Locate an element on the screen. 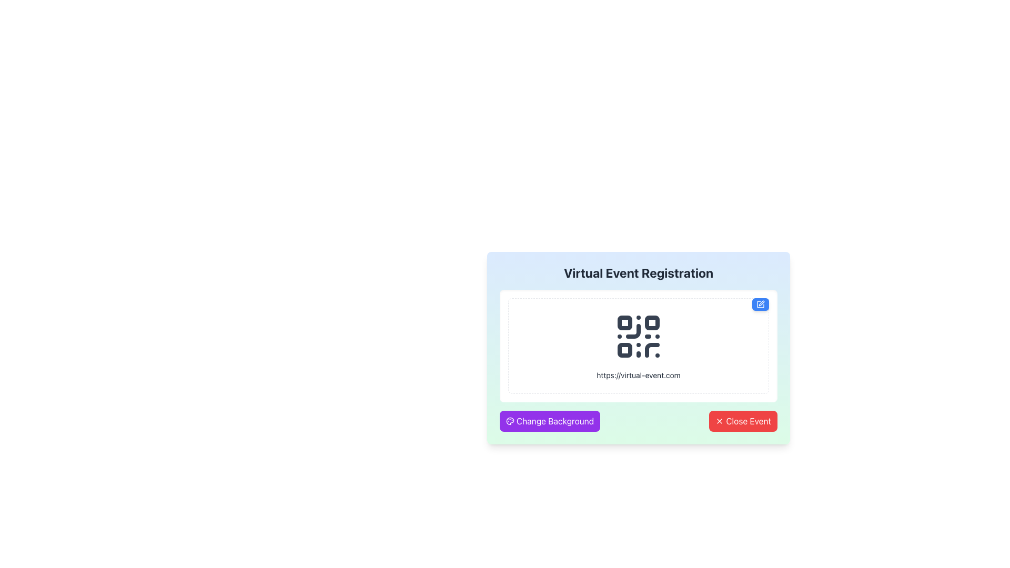 The image size is (1010, 568). the text label displaying the URL 'https://virtual-event.com', which is styled with small gray text and positioned below the QR code icon in the 'Virtual Event Registration' section is located at coordinates (638, 374).